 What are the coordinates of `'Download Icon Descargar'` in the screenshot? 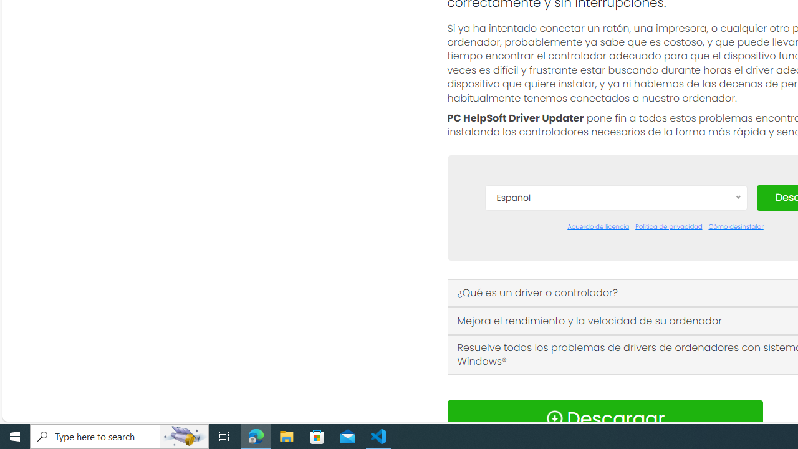 It's located at (605, 418).